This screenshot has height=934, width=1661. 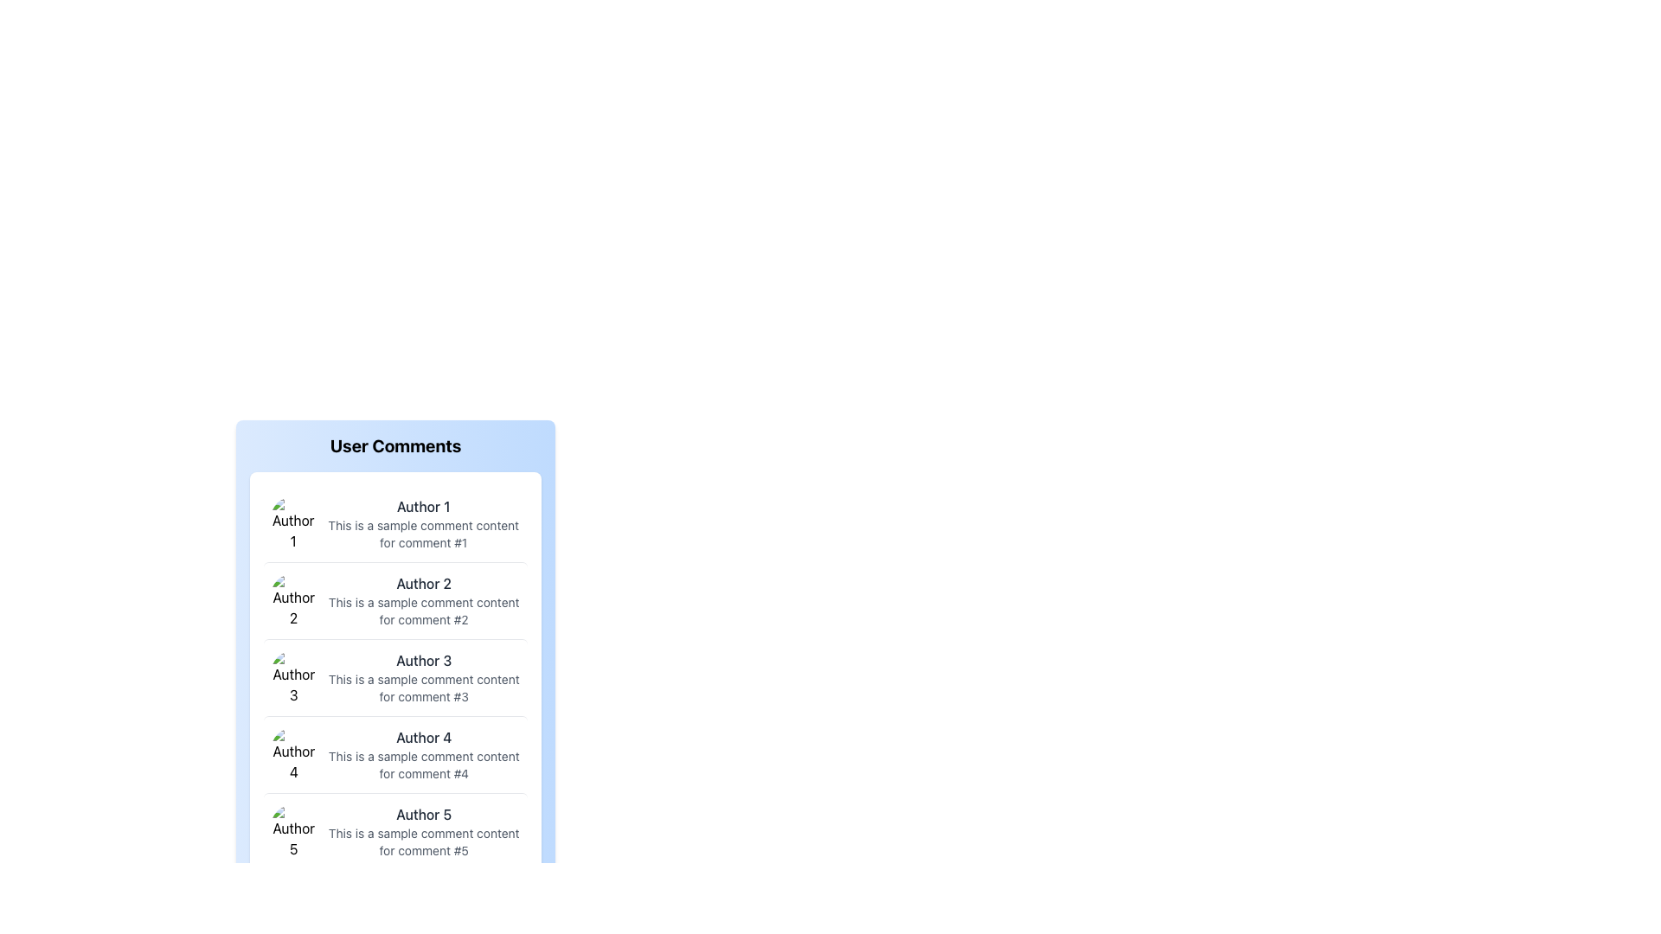 I want to click on the comment from the text block displaying 'Author 3' and the comment 'This is a sample comment content for comment #3', so click(x=424, y=676).